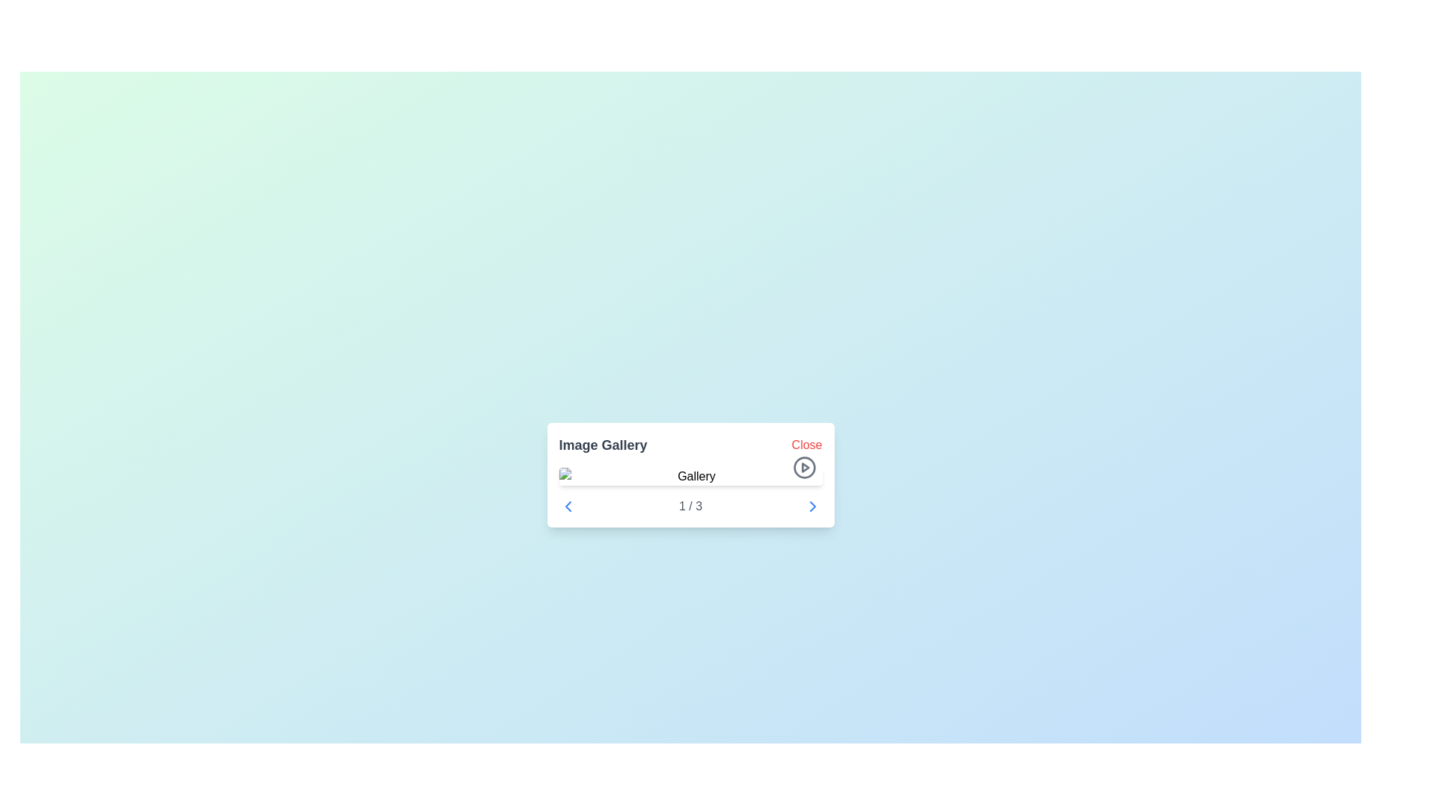  I want to click on the 'Close' button located at the top-right corner of the image gallery, which displays the text in a distinctive red font, so click(806, 445).